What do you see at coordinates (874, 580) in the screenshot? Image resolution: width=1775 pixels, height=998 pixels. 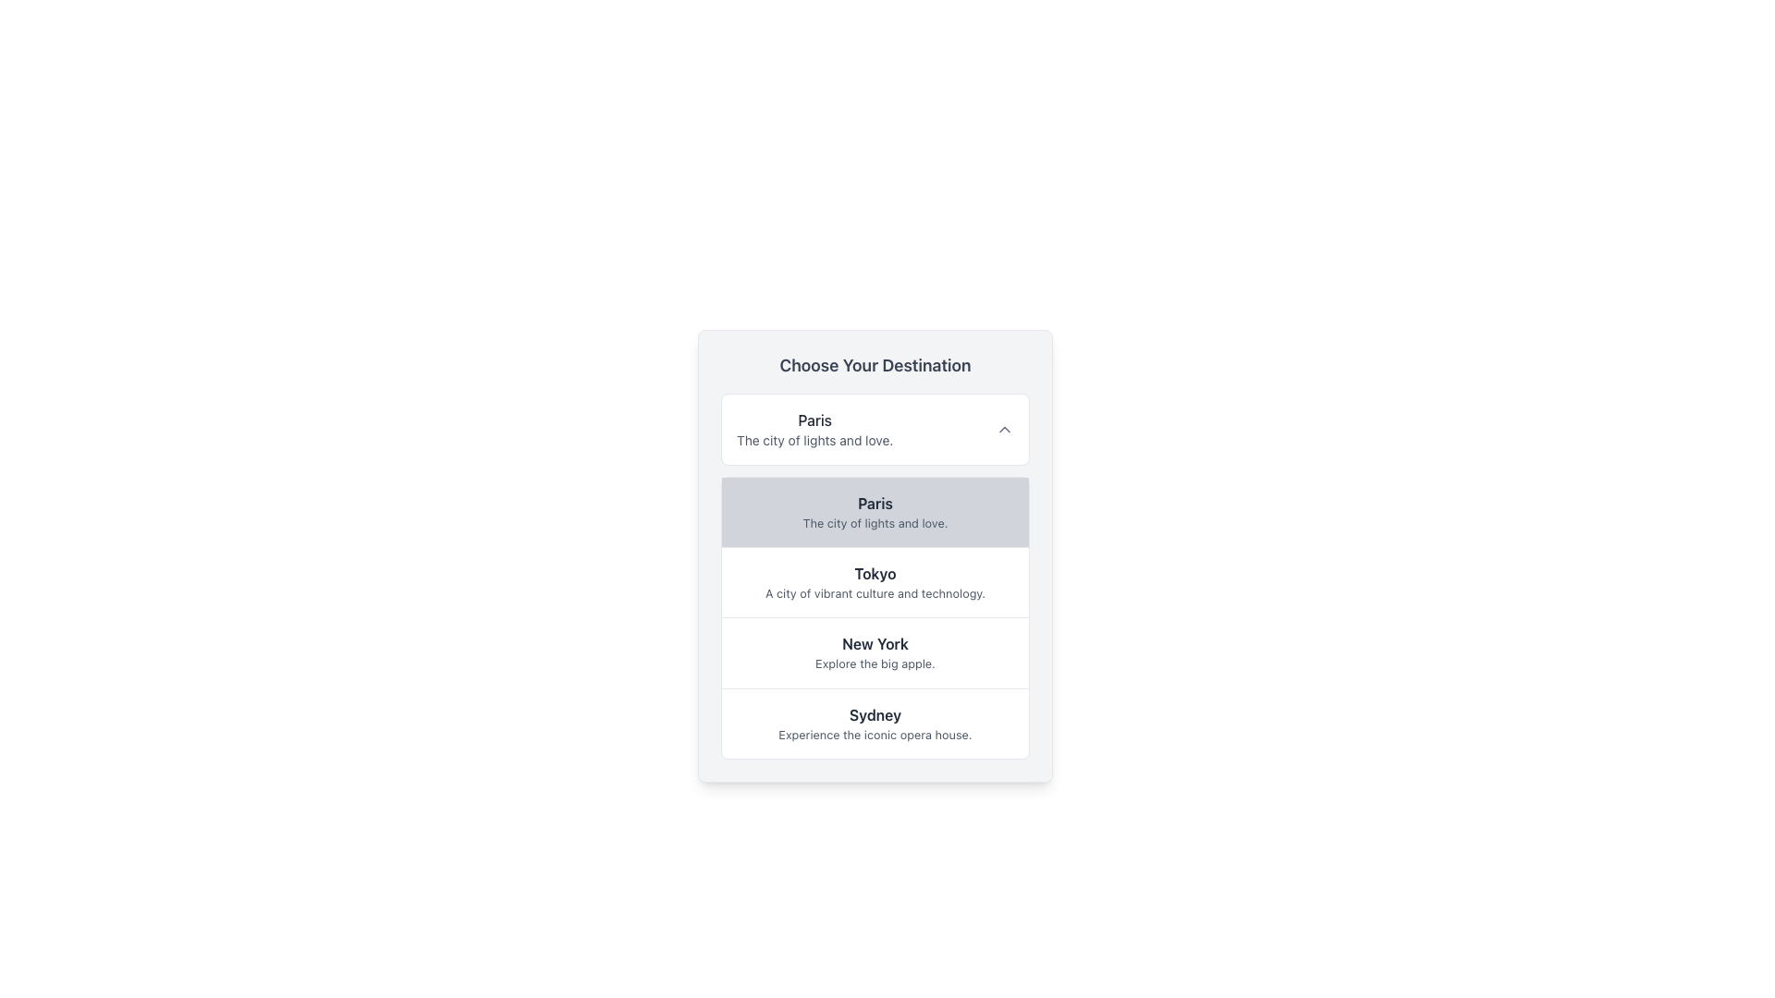 I see `the selectable list item displaying 'Tokyo'` at bounding box center [874, 580].